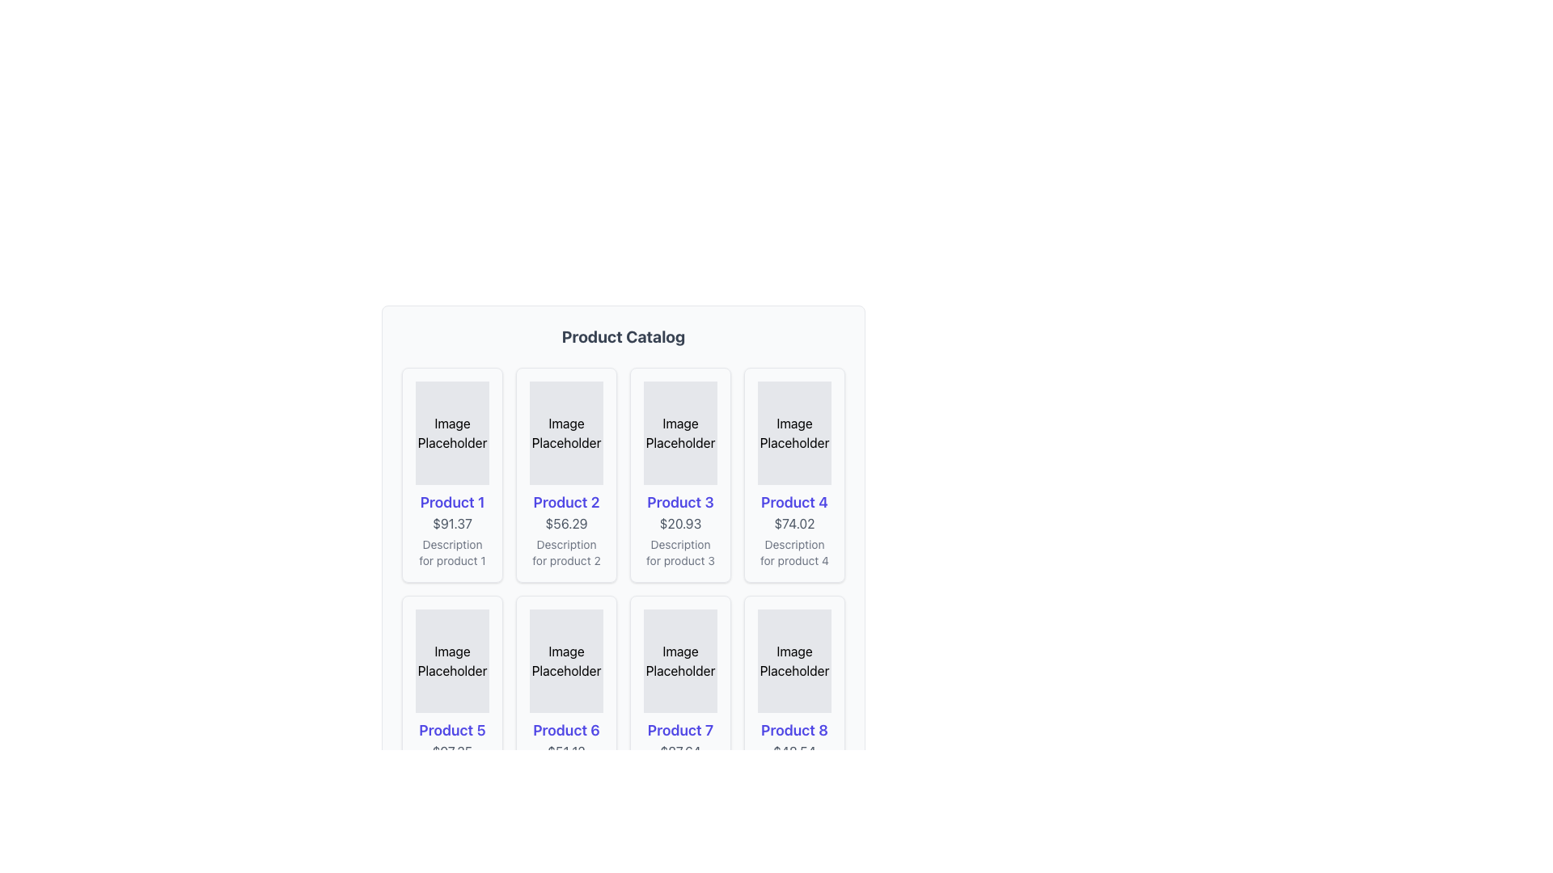  I want to click on the Label displaying the price '$91.37' which is styled in gray font and located below the product title 'Product 1', so click(452, 524).